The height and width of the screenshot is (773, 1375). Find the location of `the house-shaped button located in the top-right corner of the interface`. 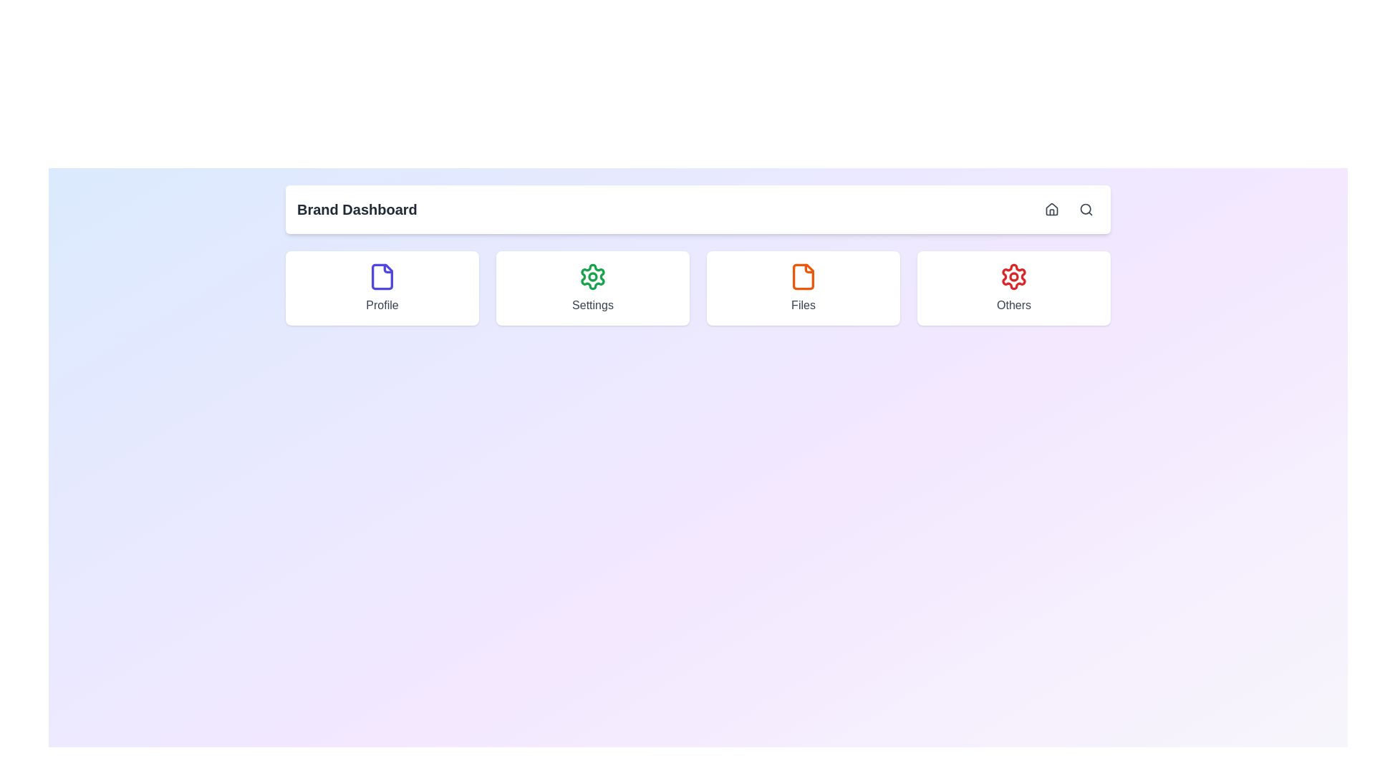

the house-shaped button located in the top-right corner of the interface is located at coordinates (1051, 210).